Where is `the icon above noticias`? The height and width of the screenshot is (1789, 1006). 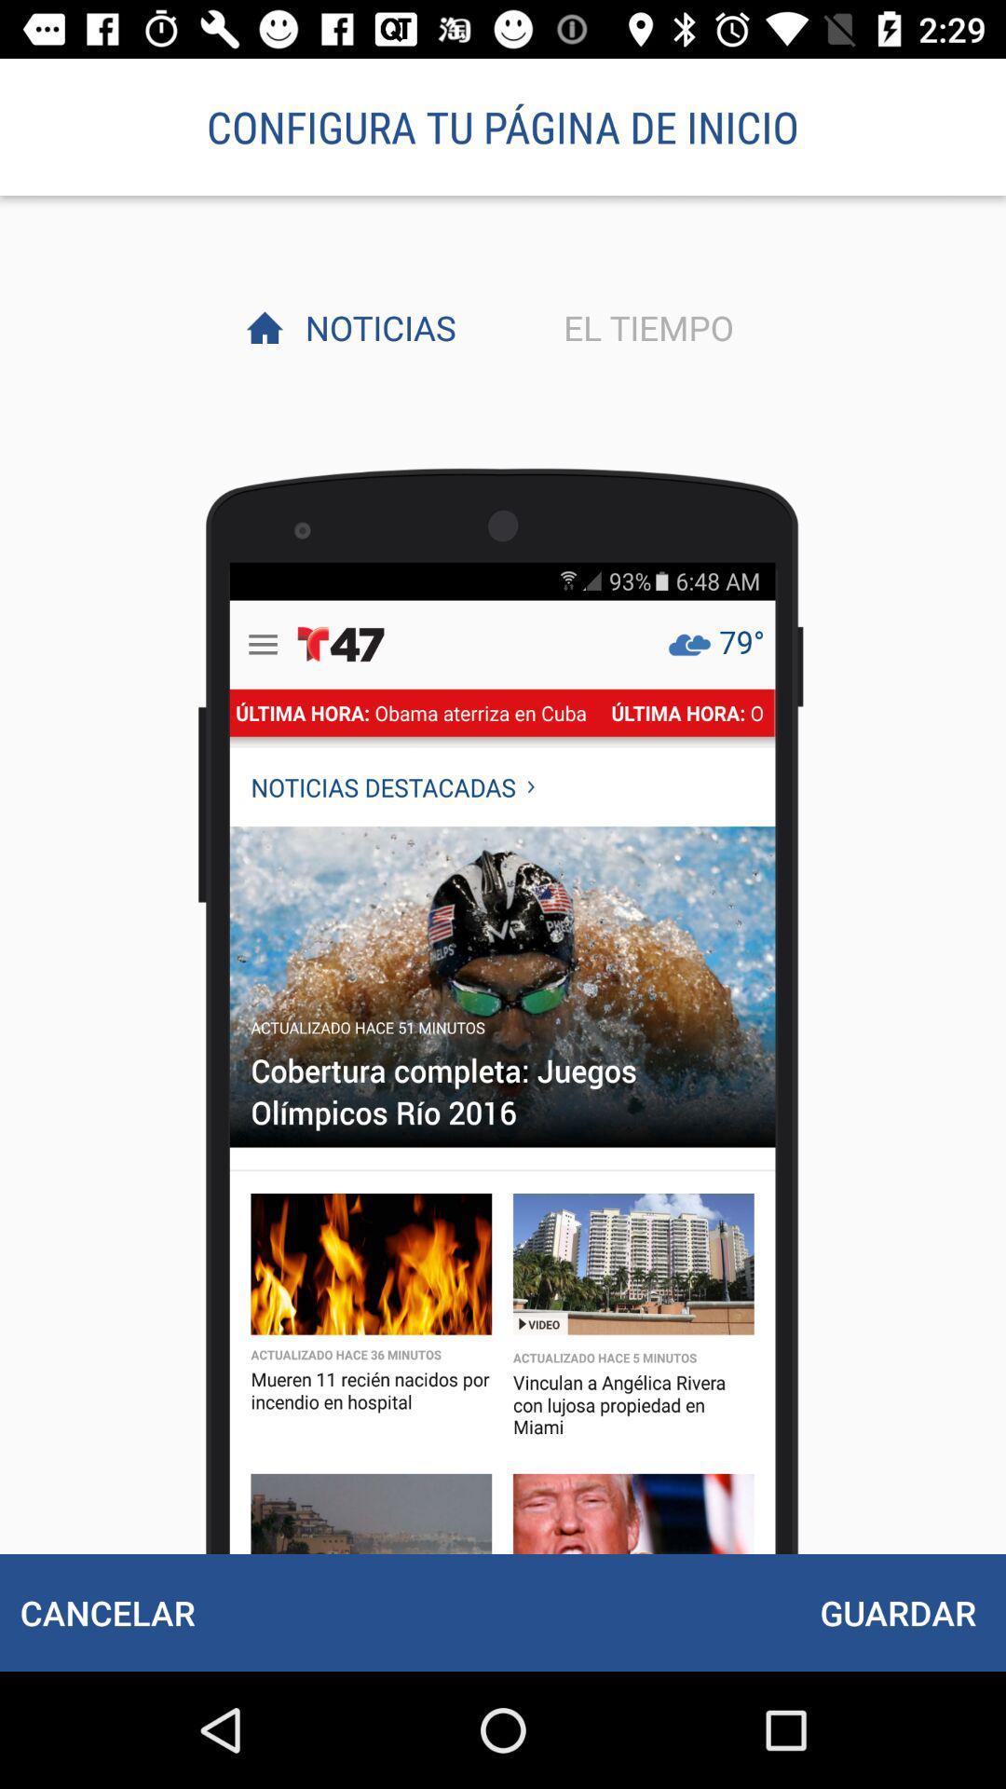 the icon above noticias is located at coordinates (503, 126).